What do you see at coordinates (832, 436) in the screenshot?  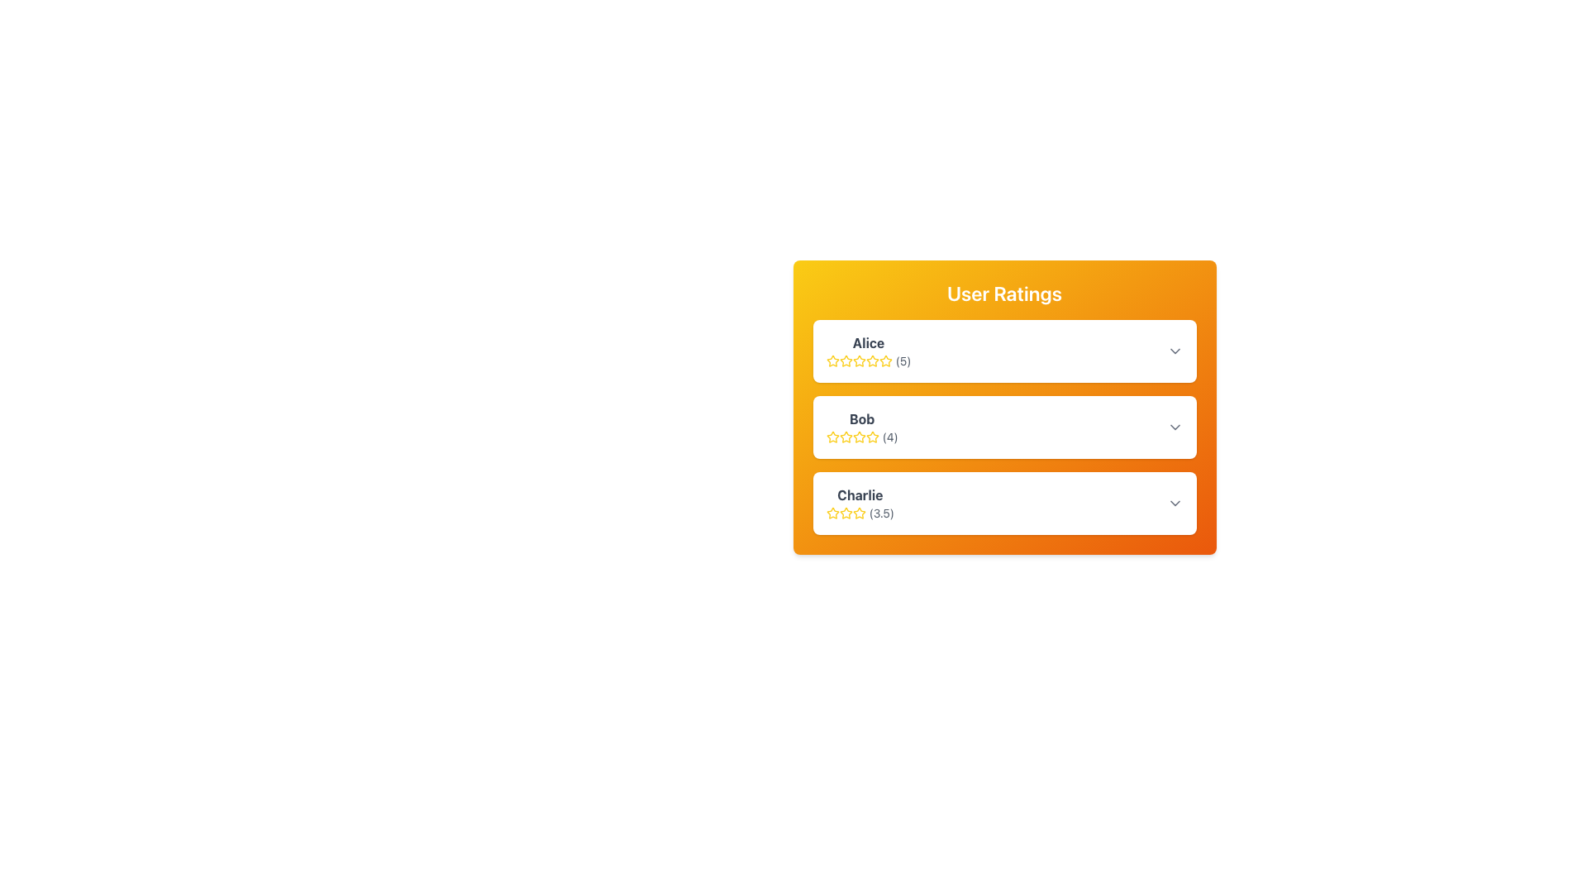 I see `the first yellow outlined star in the 5-star rating widget associated with Bob to interact with it` at bounding box center [832, 436].